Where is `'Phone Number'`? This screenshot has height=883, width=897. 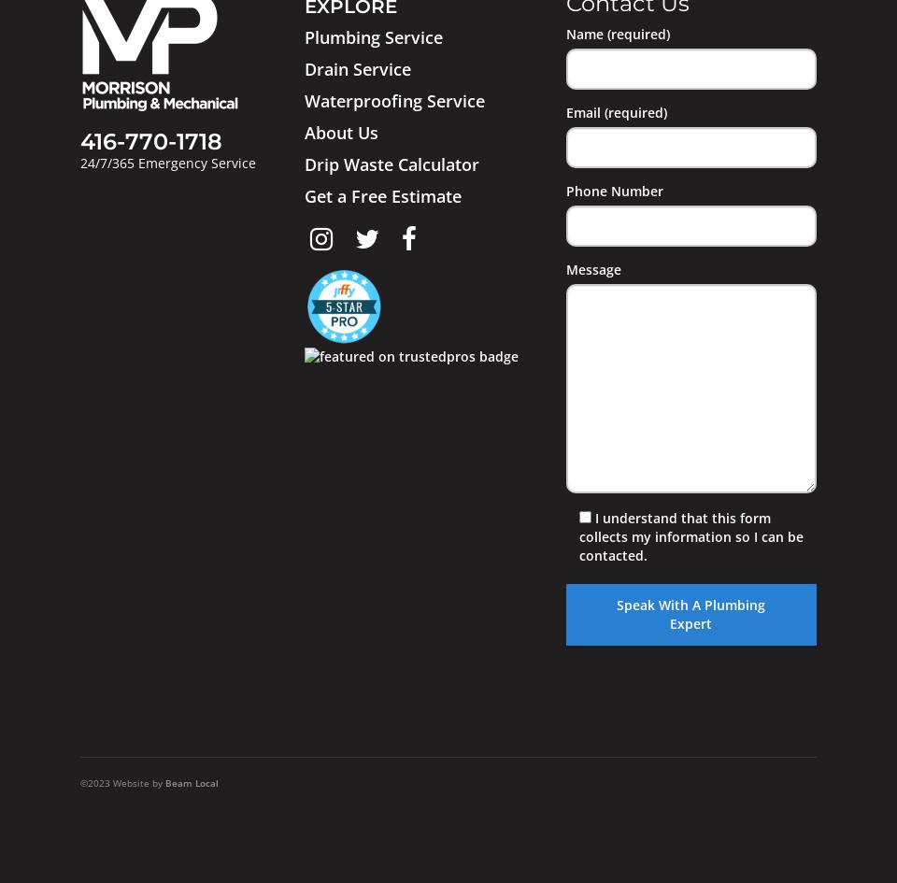
'Phone Number' is located at coordinates (613, 190).